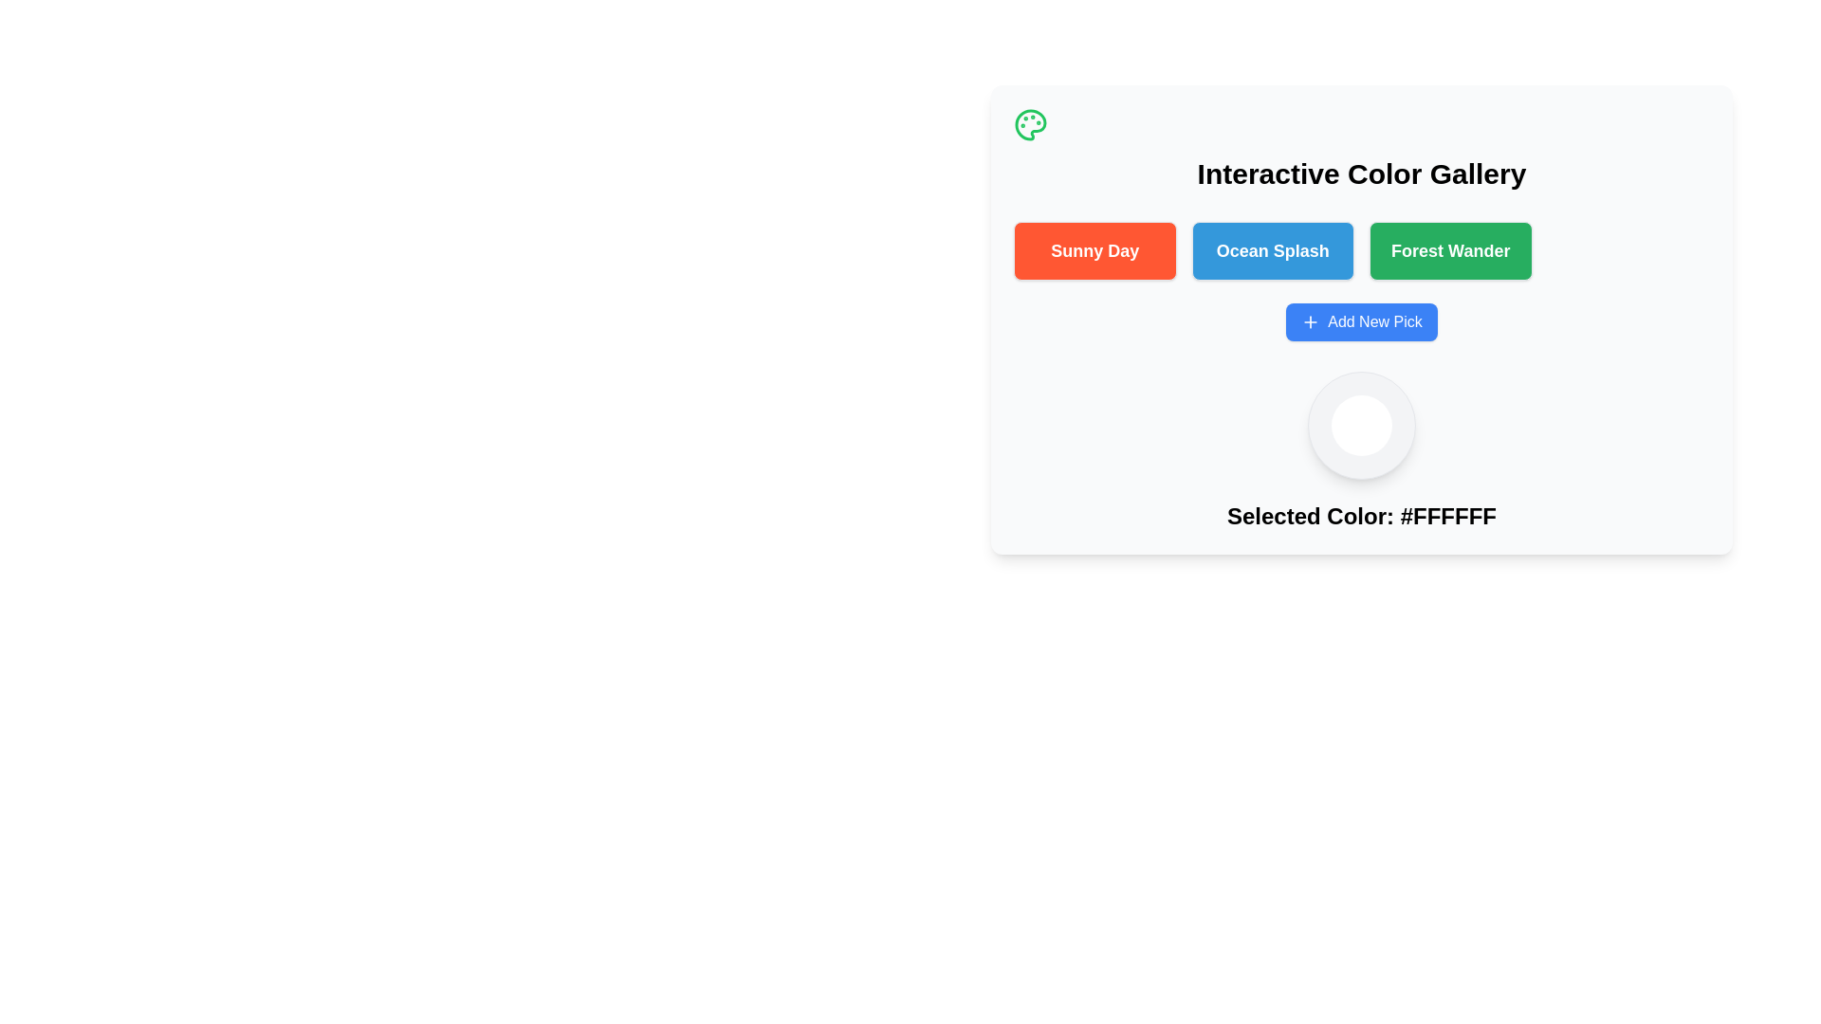 Image resolution: width=1821 pixels, height=1024 pixels. What do you see at coordinates (1029, 124) in the screenshot?
I see `the decorative vector graphic element that forms the base of the artist's palette icon located at the top-left corner of the displayed content` at bounding box center [1029, 124].